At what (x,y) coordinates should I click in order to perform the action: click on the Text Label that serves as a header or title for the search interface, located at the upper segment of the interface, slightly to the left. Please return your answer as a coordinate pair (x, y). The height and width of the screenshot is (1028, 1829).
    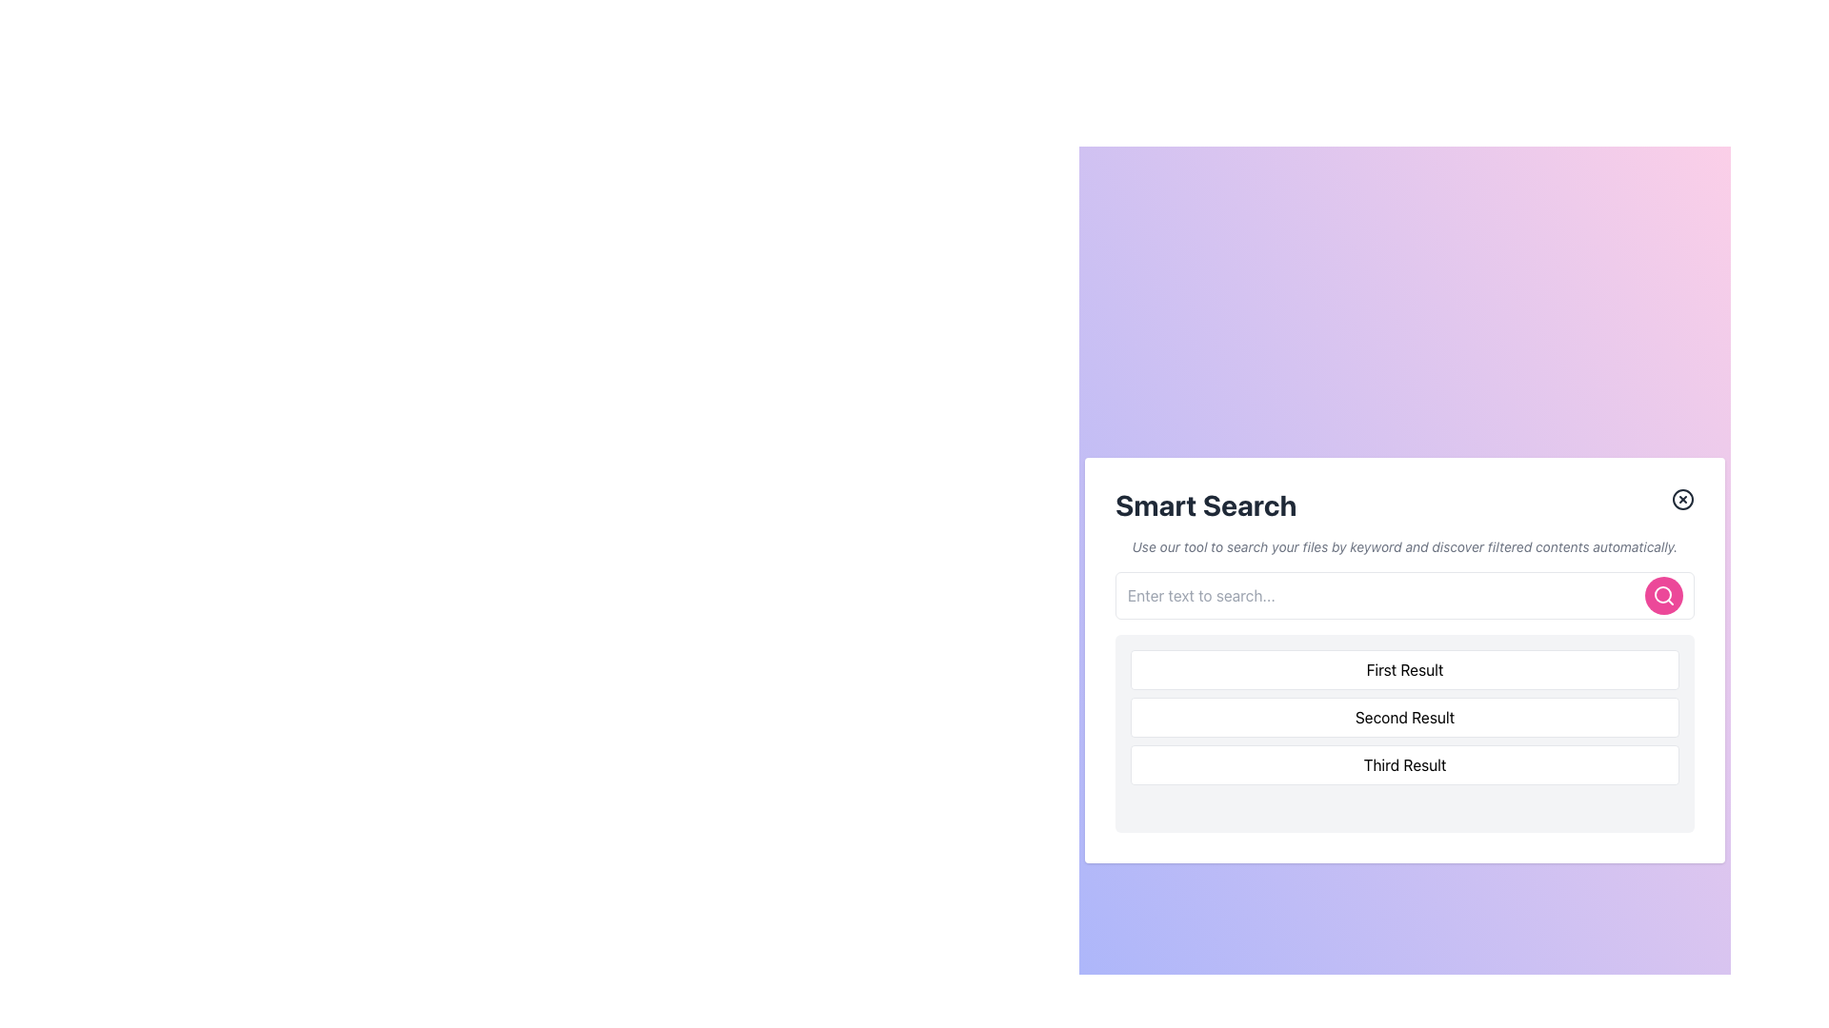
    Looking at the image, I should click on (1205, 504).